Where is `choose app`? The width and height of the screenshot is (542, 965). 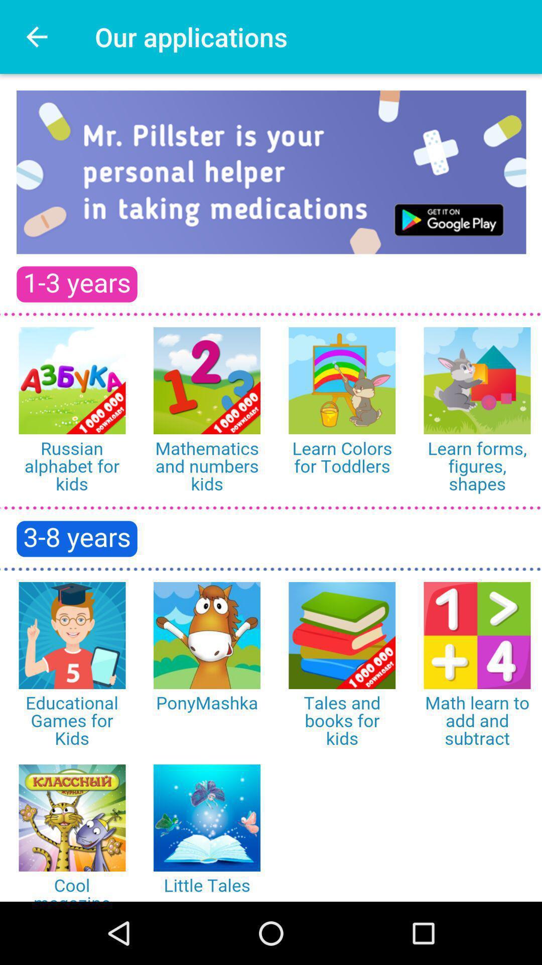 choose app is located at coordinates (271, 488).